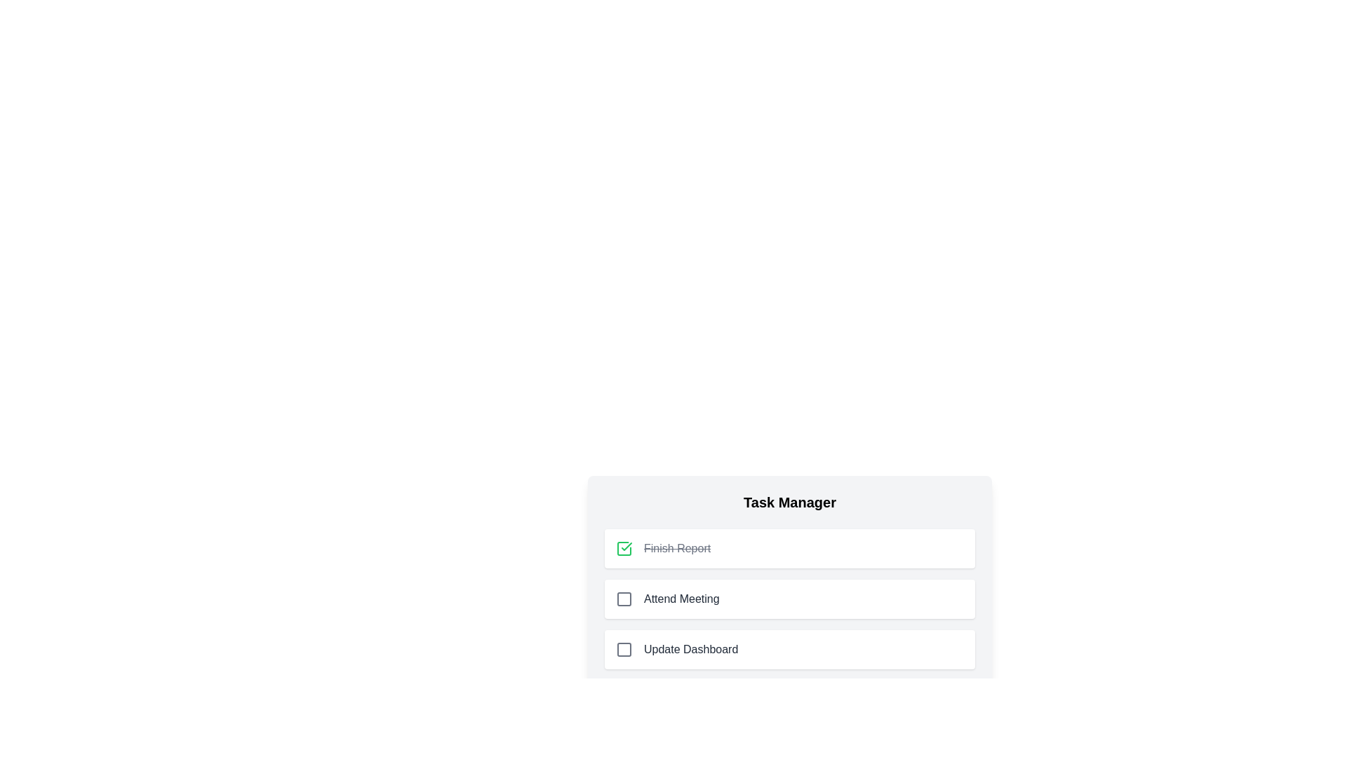  Describe the element at coordinates (681, 599) in the screenshot. I see `the text label displaying 'Attend Meeting' in the task manager to identify the associated task` at that location.